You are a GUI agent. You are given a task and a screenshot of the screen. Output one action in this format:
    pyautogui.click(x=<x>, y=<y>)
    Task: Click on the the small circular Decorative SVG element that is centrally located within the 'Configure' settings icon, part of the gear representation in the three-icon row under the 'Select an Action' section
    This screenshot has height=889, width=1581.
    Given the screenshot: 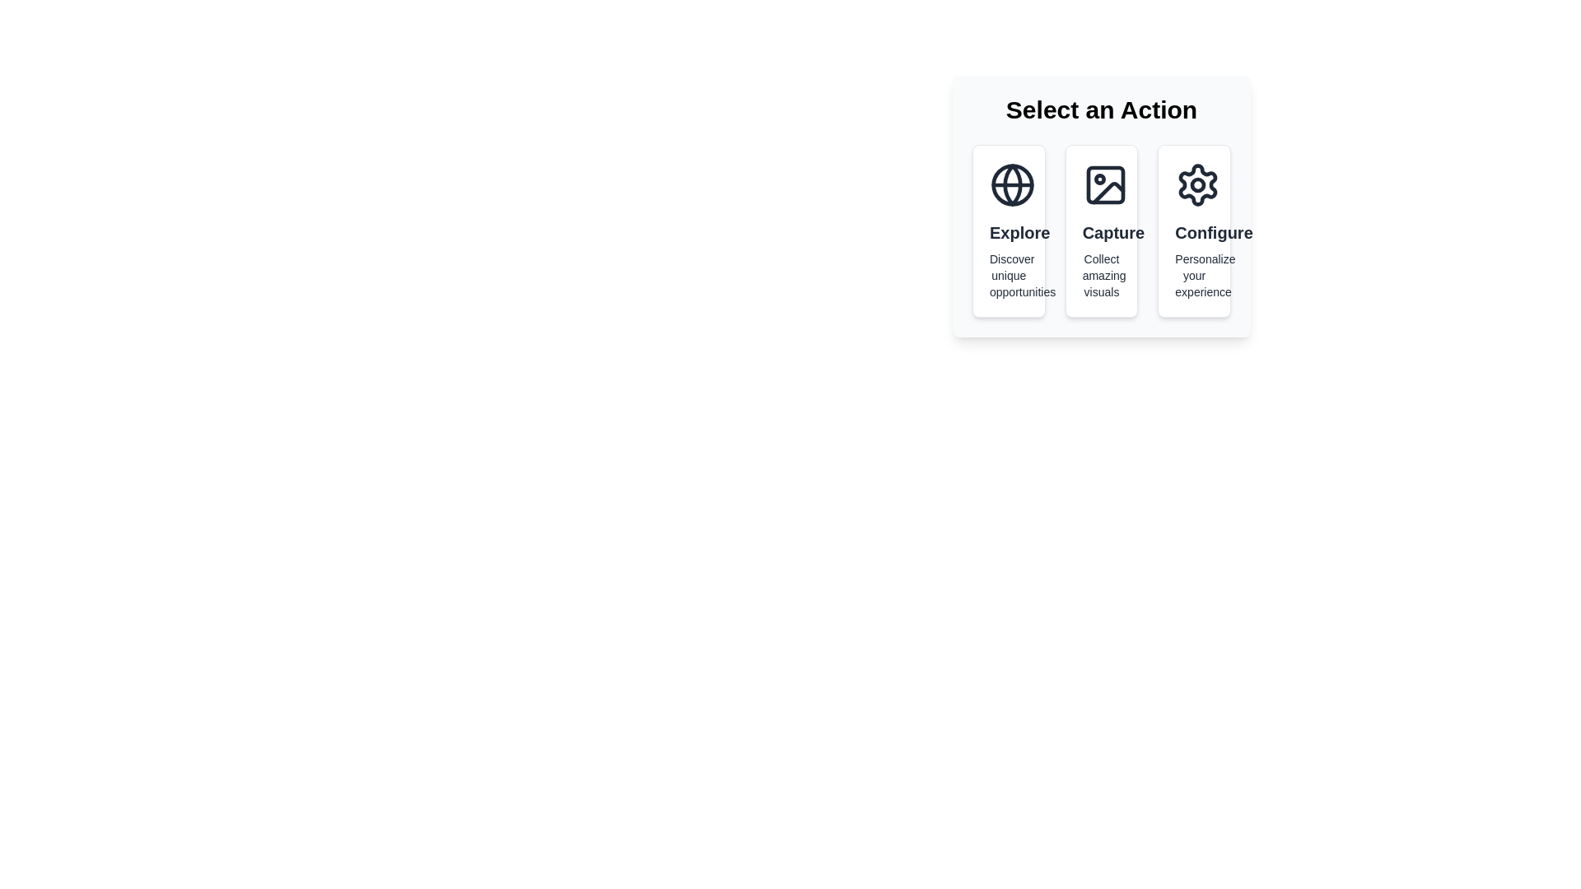 What is the action you would take?
    pyautogui.click(x=1198, y=184)
    